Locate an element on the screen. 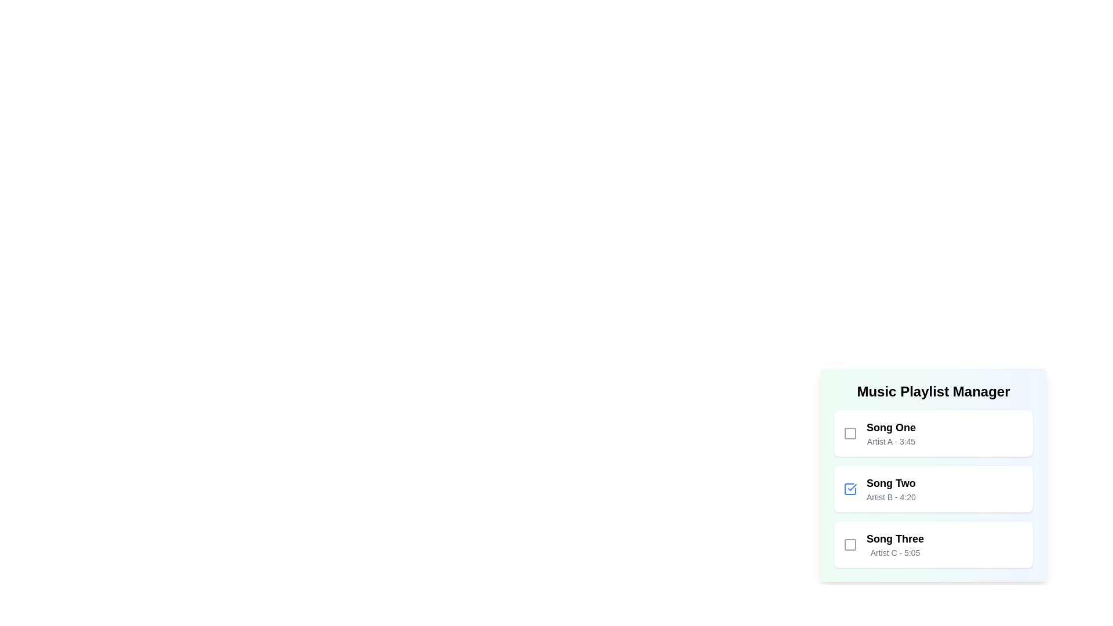 This screenshot has width=1113, height=626. the Text Header element that serves as a title for the section, located at the top-center of the box above the list of songs is located at coordinates (933, 391).